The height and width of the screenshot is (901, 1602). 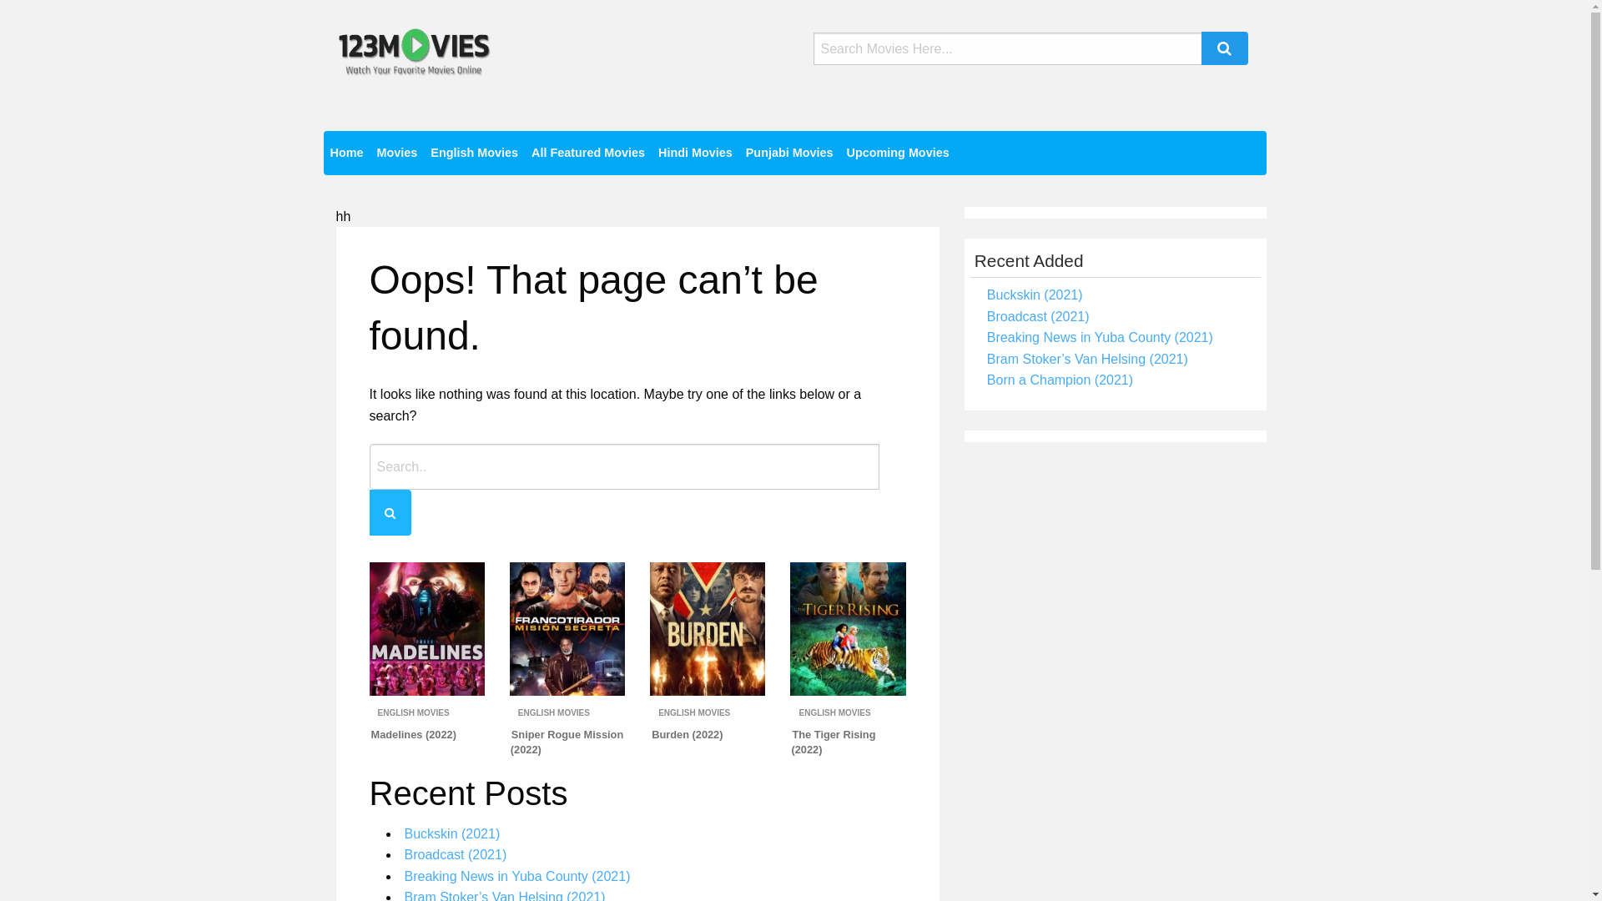 What do you see at coordinates (413, 733) in the screenshot?
I see `'Madelines (2022)'` at bounding box center [413, 733].